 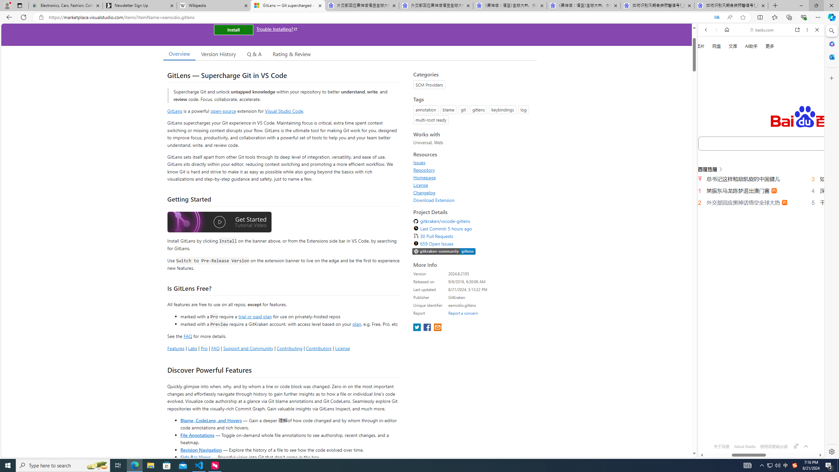 I want to click on 'Web scope', so click(x=709, y=59).